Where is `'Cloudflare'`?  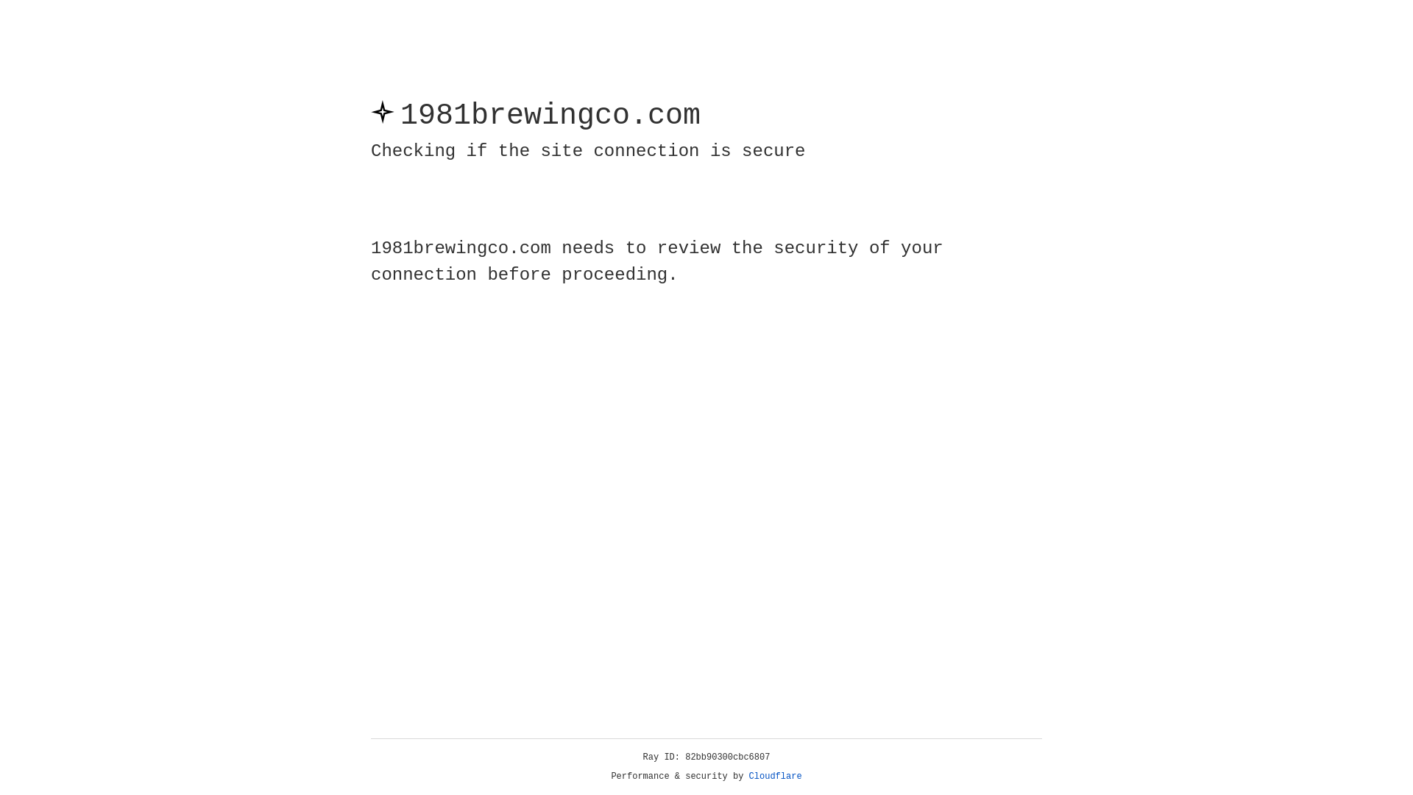 'Cloudflare' is located at coordinates (748, 776).